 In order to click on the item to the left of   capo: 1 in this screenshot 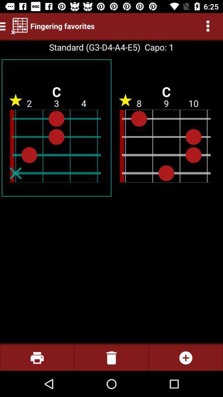, I will do `click(94, 47)`.